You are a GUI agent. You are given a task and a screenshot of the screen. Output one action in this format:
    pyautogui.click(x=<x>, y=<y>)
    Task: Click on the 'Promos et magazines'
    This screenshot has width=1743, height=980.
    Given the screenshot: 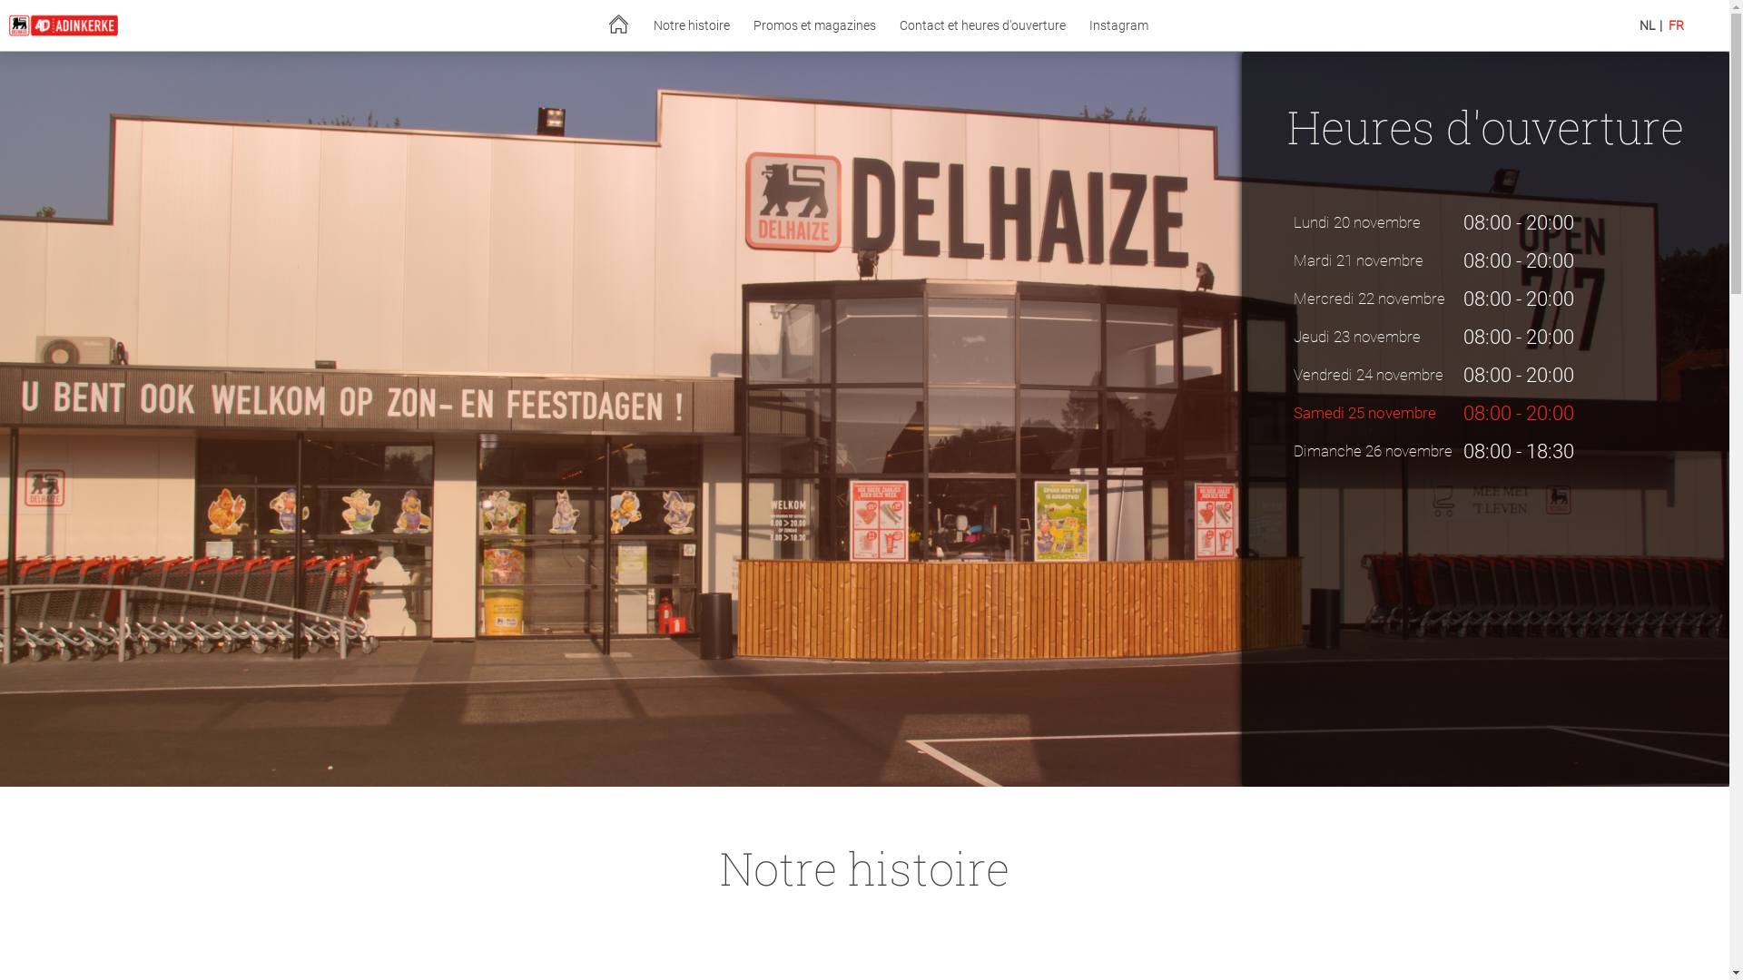 What is the action you would take?
    pyautogui.click(x=813, y=24)
    